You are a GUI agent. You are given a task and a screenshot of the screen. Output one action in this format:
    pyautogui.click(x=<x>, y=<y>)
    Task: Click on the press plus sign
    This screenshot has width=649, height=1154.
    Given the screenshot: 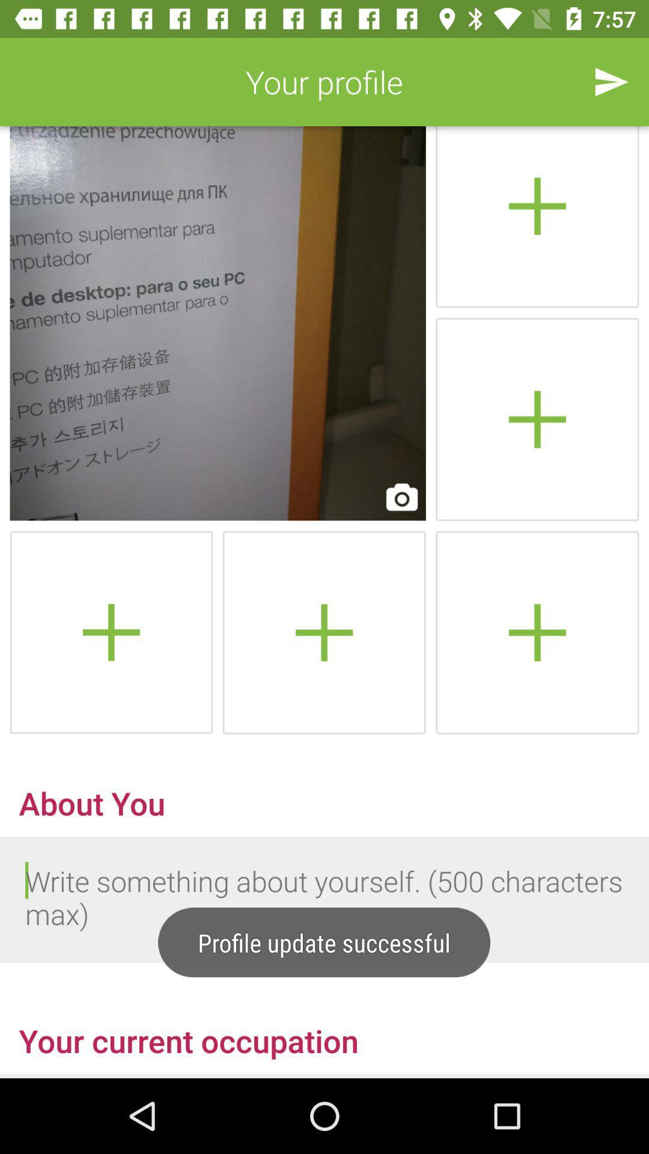 What is the action you would take?
    pyautogui.click(x=537, y=419)
    